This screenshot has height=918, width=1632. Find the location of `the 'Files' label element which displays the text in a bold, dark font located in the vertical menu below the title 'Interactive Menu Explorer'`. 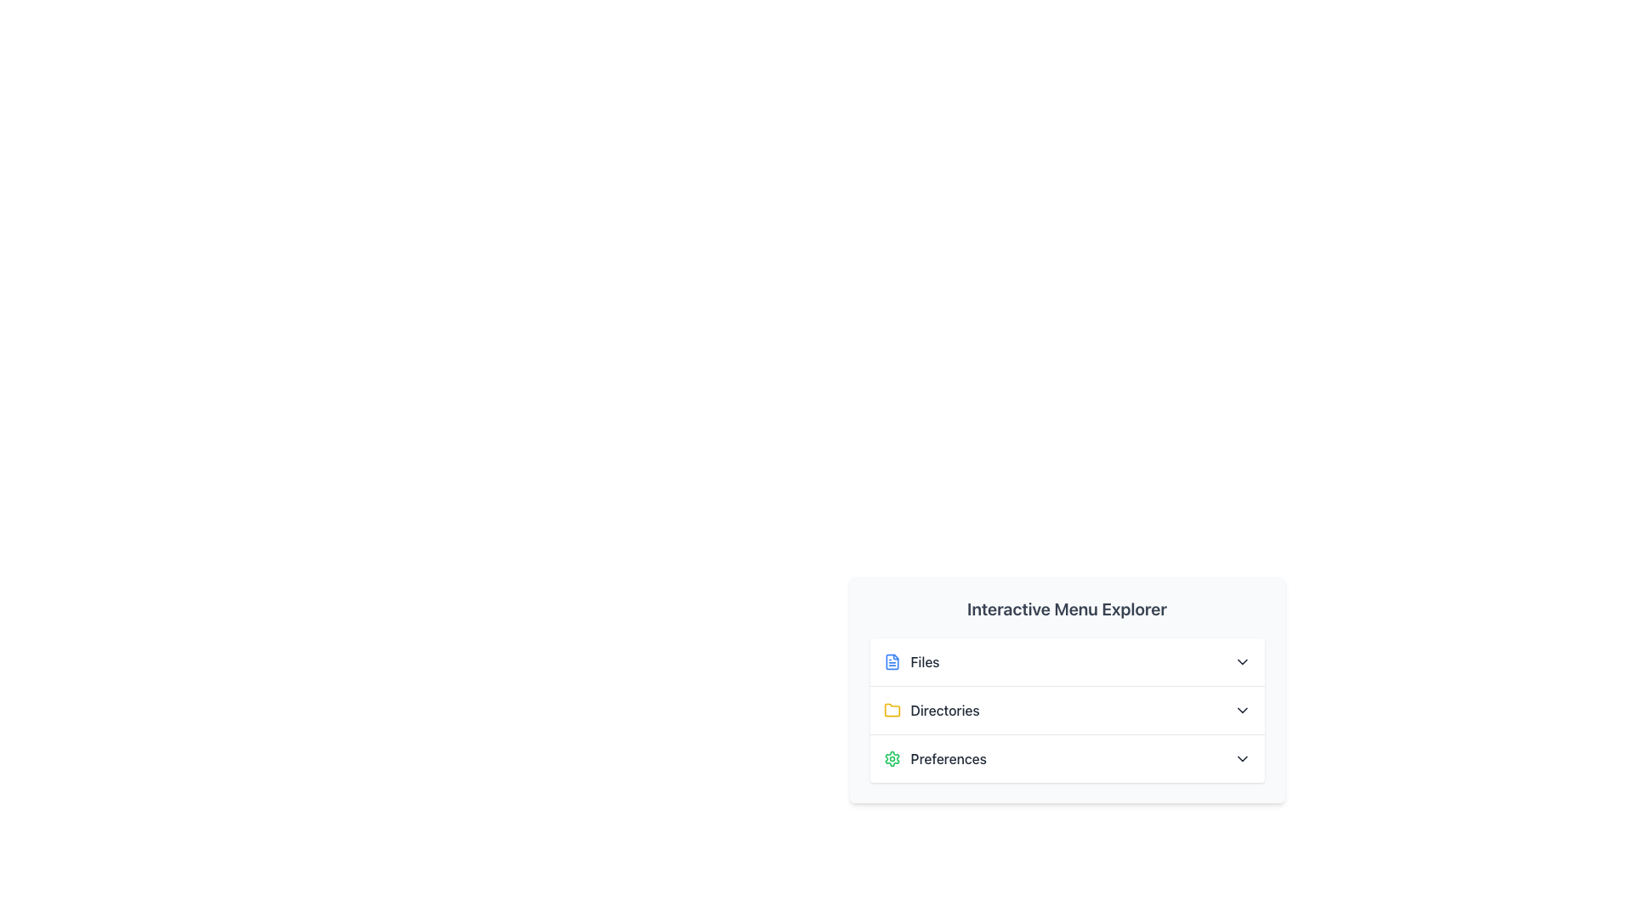

the 'Files' label element which displays the text in a bold, dark font located in the vertical menu below the title 'Interactive Menu Explorer' is located at coordinates (924, 661).